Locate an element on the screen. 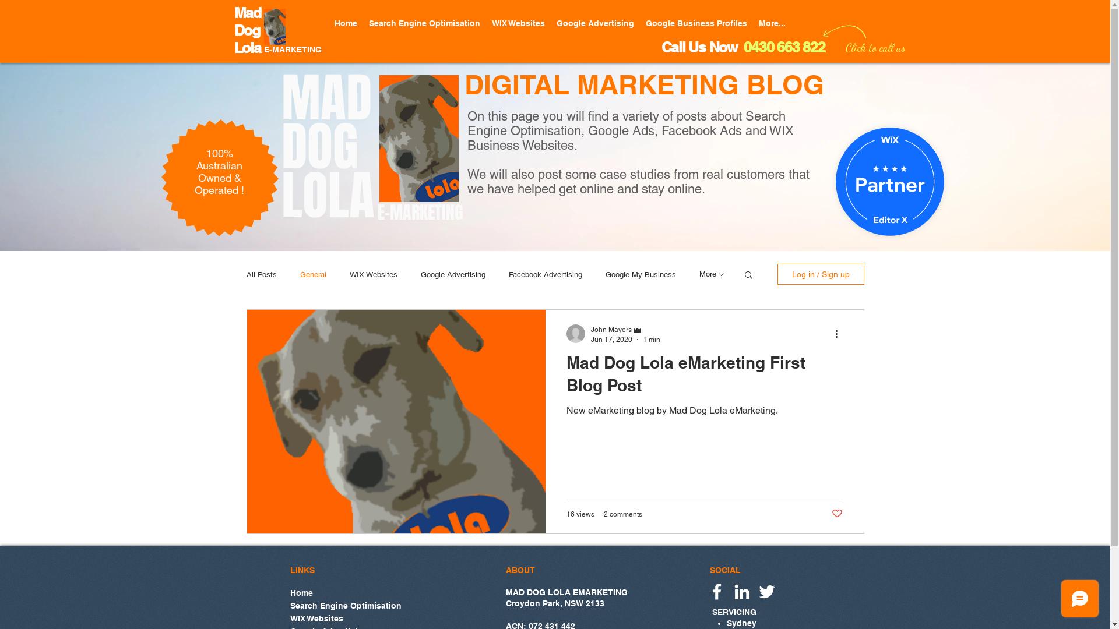  'Post not marked as liked' is located at coordinates (836, 513).